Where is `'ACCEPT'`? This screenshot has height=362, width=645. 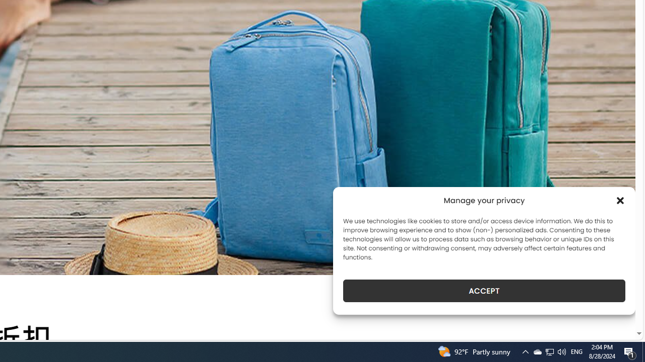
'ACCEPT' is located at coordinates (484, 291).